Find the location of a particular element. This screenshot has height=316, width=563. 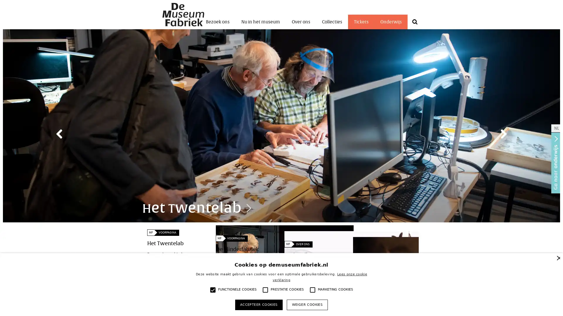

ACCEPTEER COOKIES is located at coordinates (258, 304).